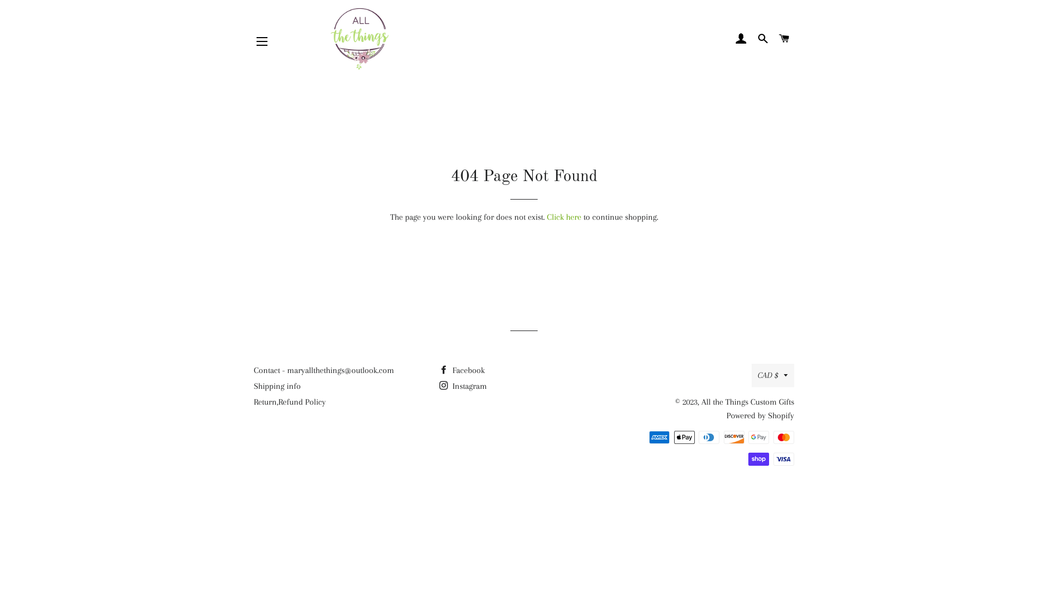 The image size is (1048, 589). Describe the element at coordinates (290, 401) in the screenshot. I see `'Return,Refund Policy'` at that location.